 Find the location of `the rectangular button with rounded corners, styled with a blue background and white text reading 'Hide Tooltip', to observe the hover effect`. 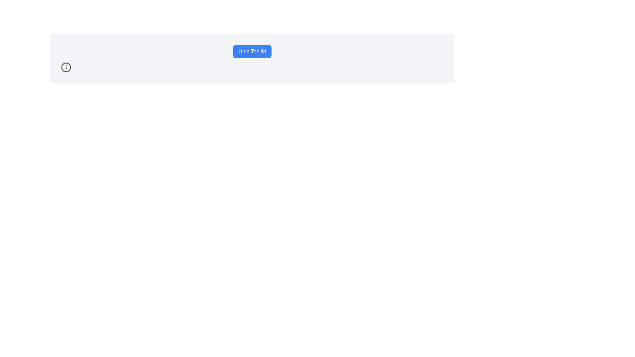

the rectangular button with rounded corners, styled with a blue background and white text reading 'Hide Tooltip', to observe the hover effect is located at coordinates (252, 51).